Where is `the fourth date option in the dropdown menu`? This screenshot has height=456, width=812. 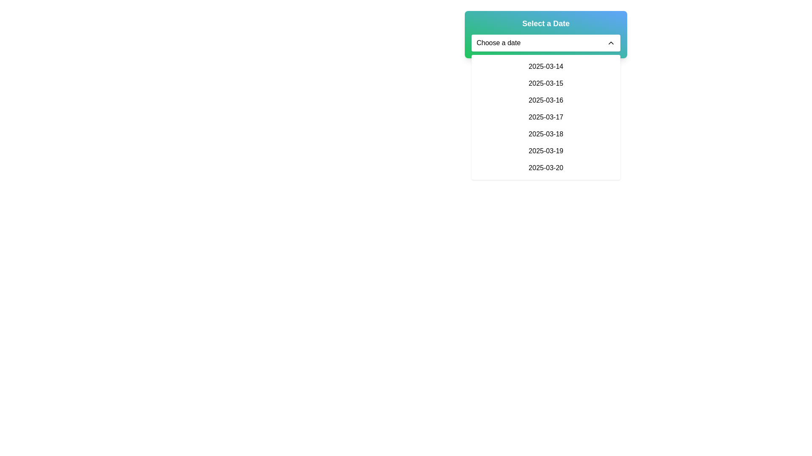 the fourth date option in the dropdown menu is located at coordinates (546, 117).